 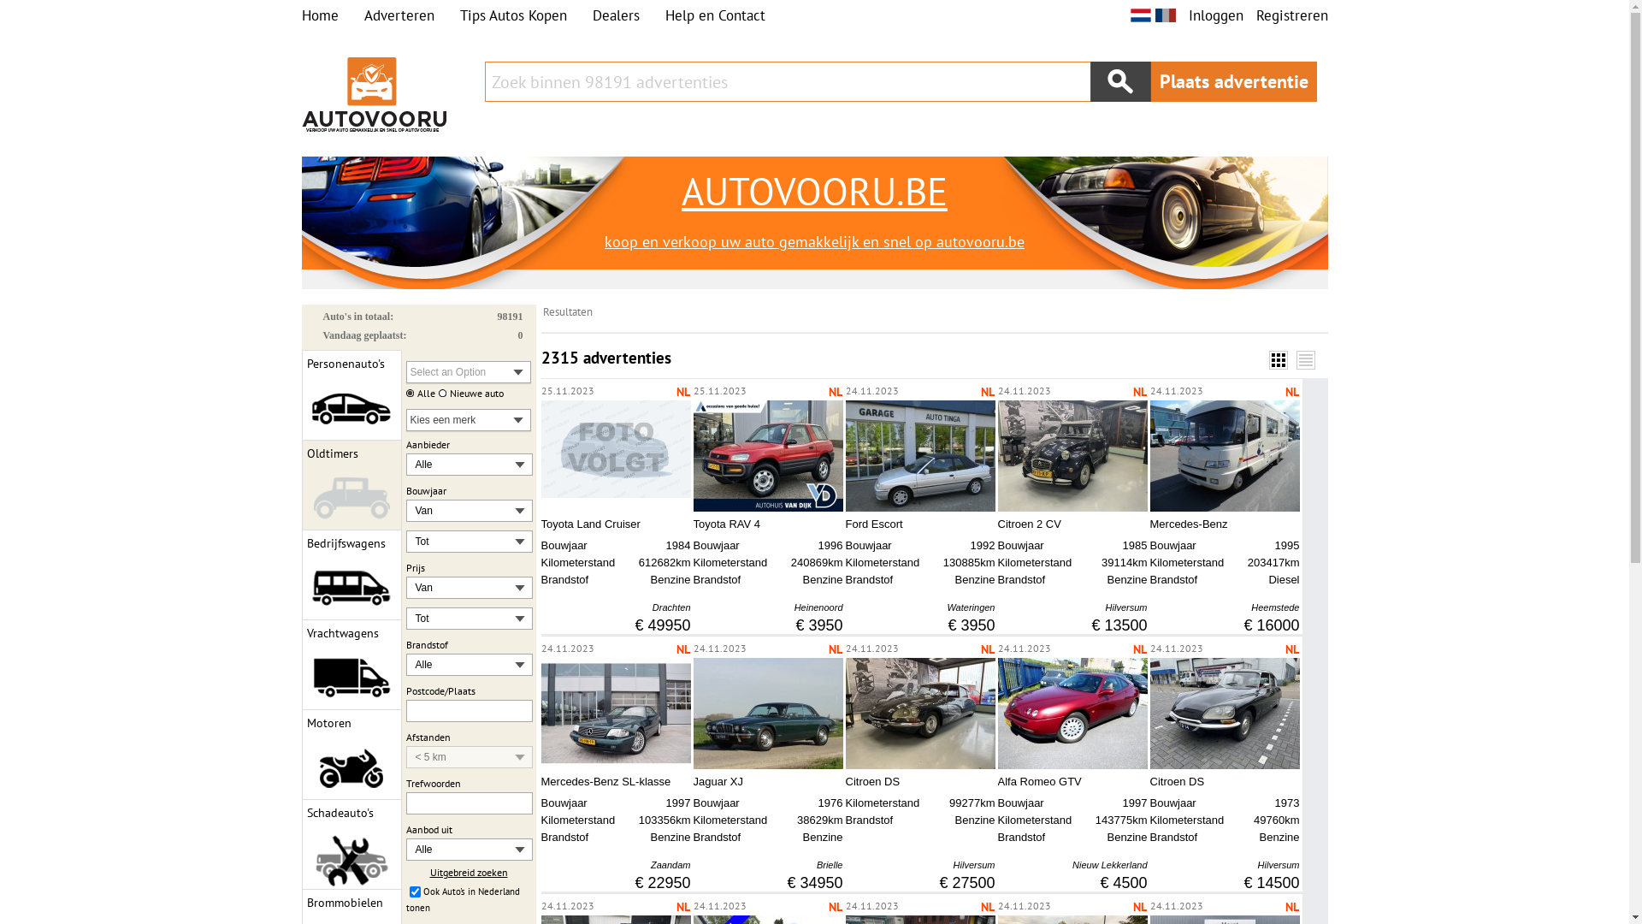 What do you see at coordinates (1214, 15) in the screenshot?
I see `'Inloggen'` at bounding box center [1214, 15].